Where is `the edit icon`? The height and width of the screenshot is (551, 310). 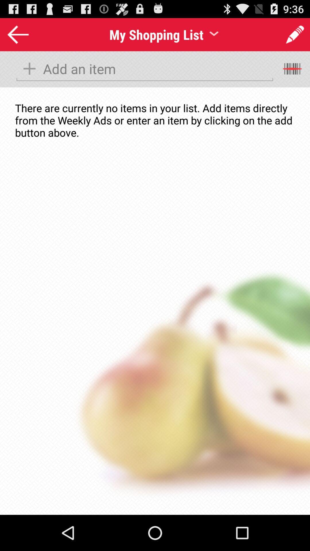 the edit icon is located at coordinates (288, 36).